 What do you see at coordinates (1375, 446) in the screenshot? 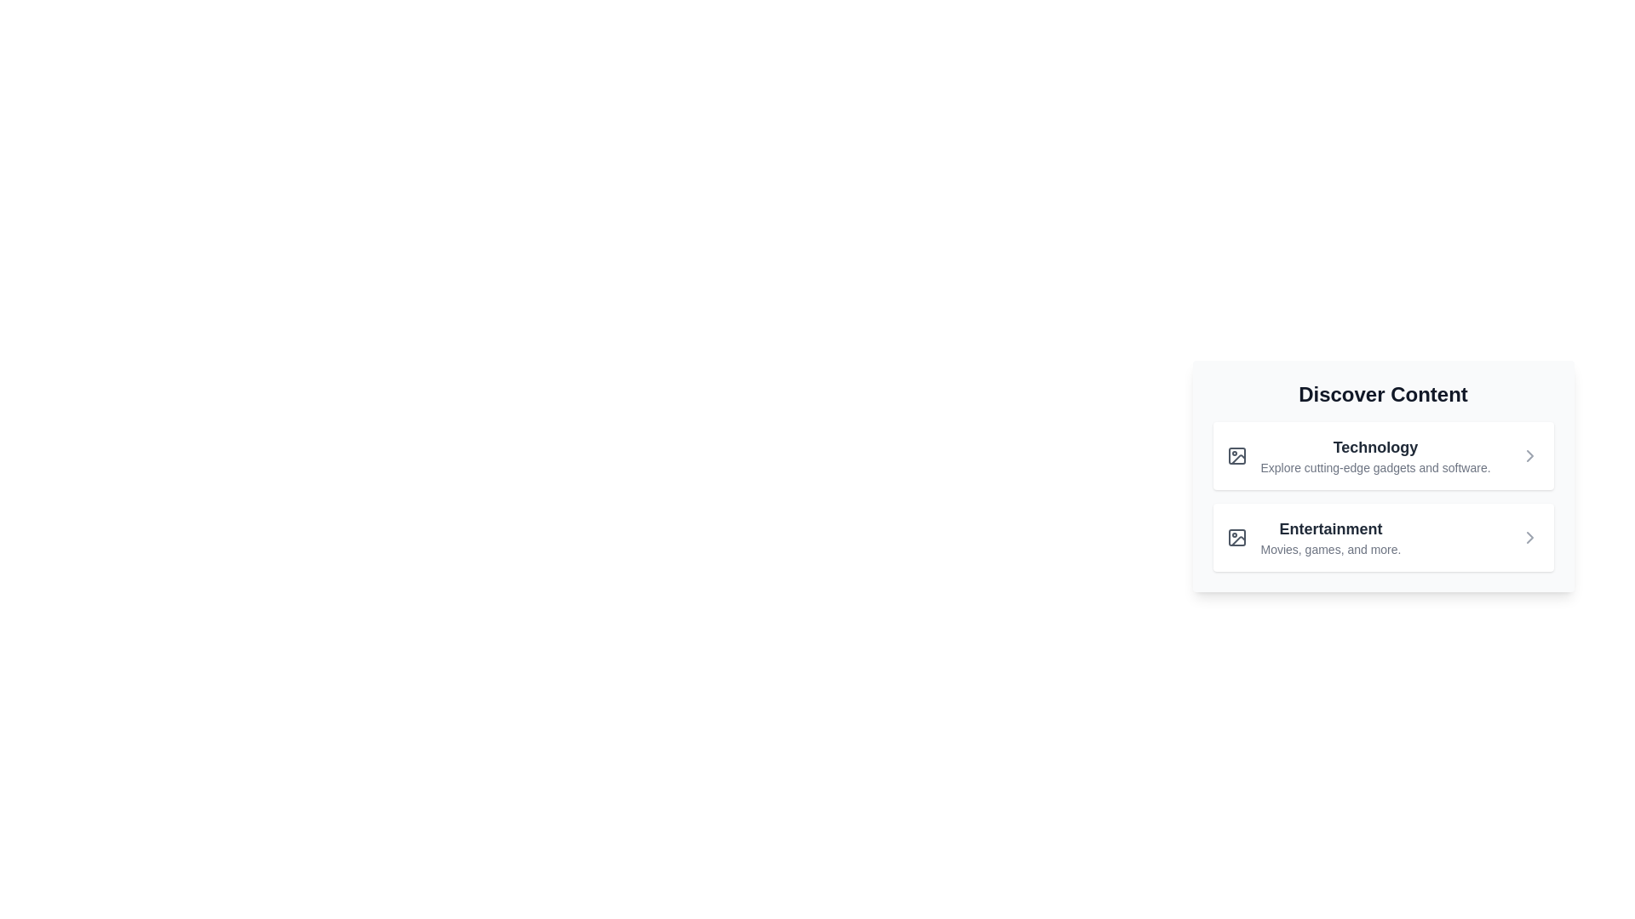
I see `text from the Label element located at the top-left corner of its block, which is above the line 'Explore cutting-edge gadgets and software.'` at bounding box center [1375, 446].